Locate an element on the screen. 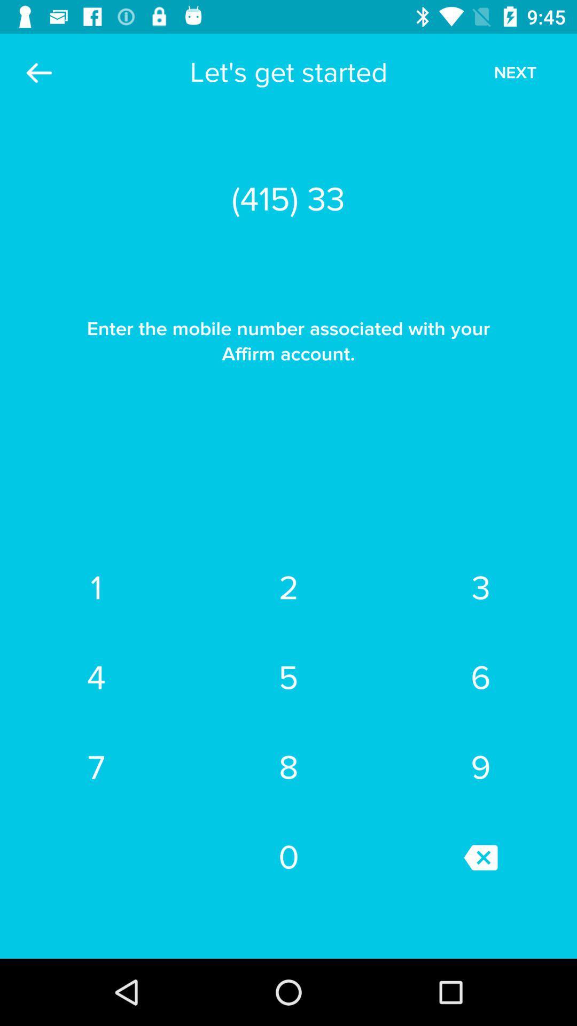  the icon to the left of let s get item is located at coordinates (38, 72).